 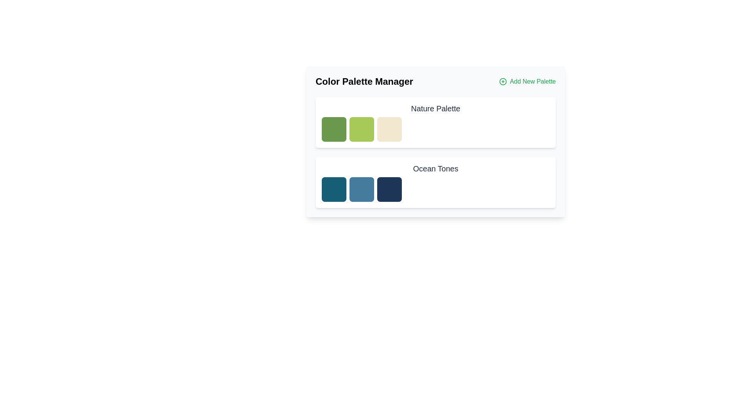 What do you see at coordinates (503, 82) in the screenshot?
I see `the circular SVG icon with a plus sign in its center, part of the 'Add New Palette' button located at the top-right corner of the main interface, to interact with its functionality` at bounding box center [503, 82].